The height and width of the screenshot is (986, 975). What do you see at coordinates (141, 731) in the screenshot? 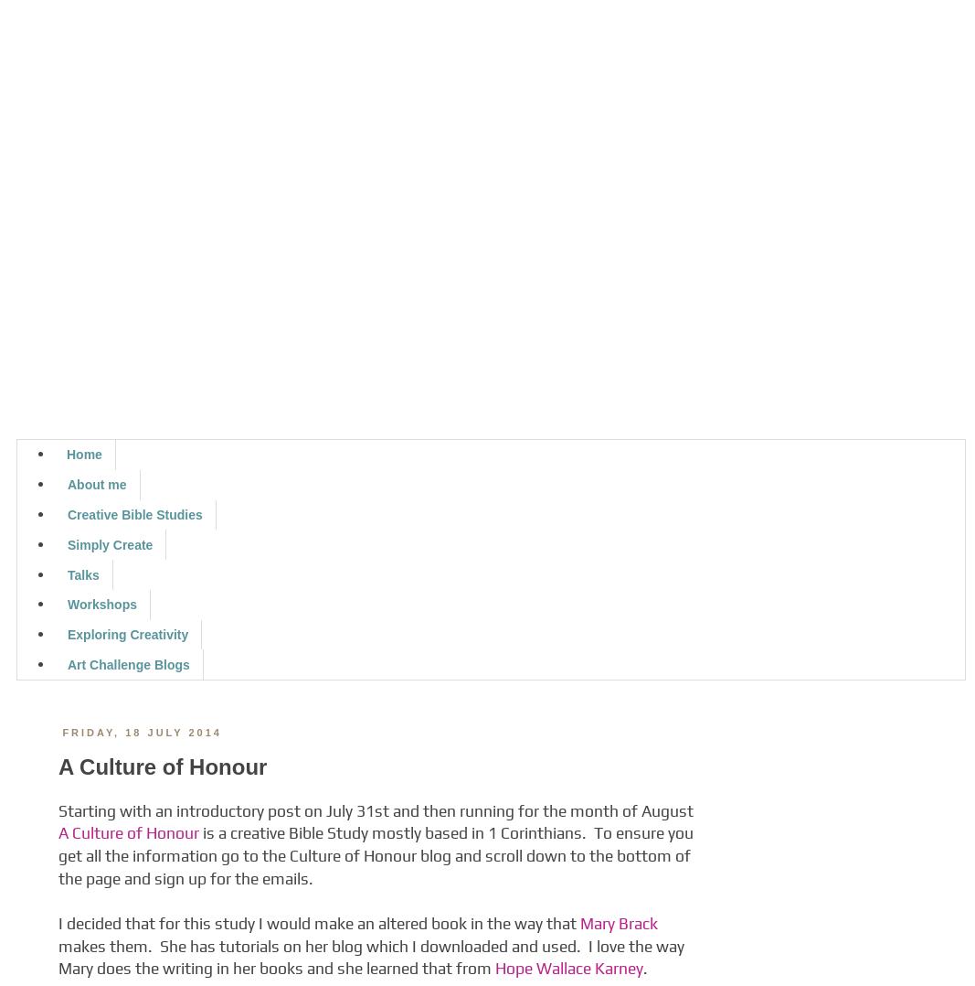
I see `'Friday, 18 July 2014'` at bounding box center [141, 731].